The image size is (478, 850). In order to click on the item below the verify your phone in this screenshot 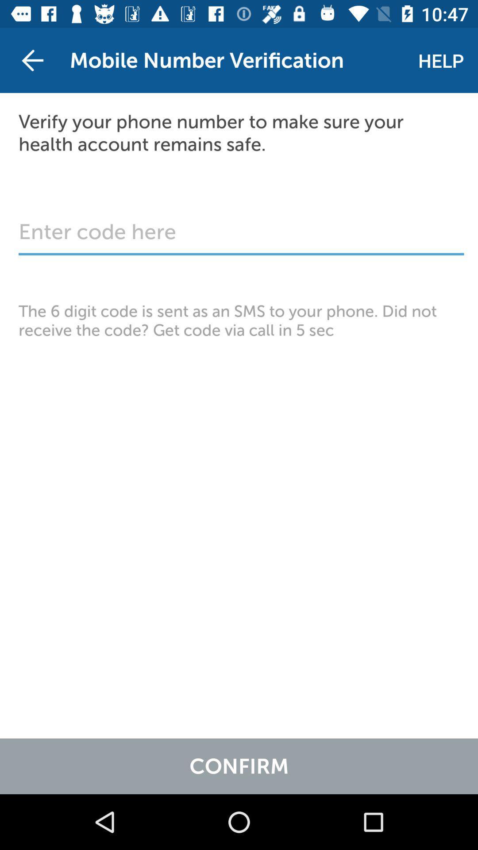, I will do `click(241, 236)`.